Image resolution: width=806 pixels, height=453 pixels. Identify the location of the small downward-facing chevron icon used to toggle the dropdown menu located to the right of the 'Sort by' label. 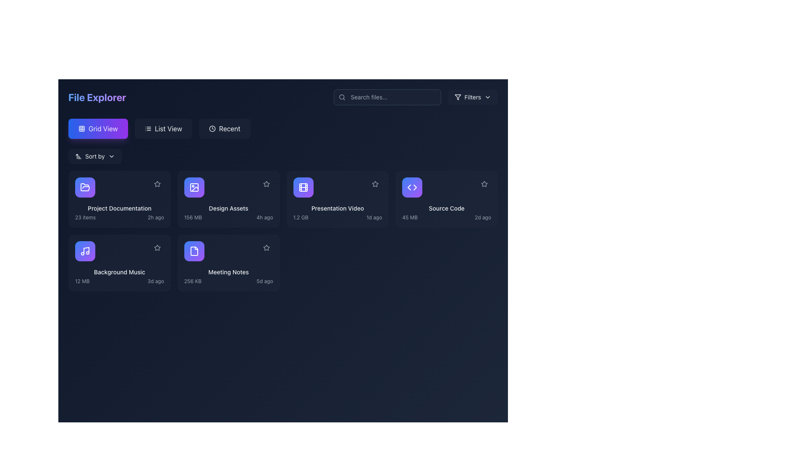
(111, 156).